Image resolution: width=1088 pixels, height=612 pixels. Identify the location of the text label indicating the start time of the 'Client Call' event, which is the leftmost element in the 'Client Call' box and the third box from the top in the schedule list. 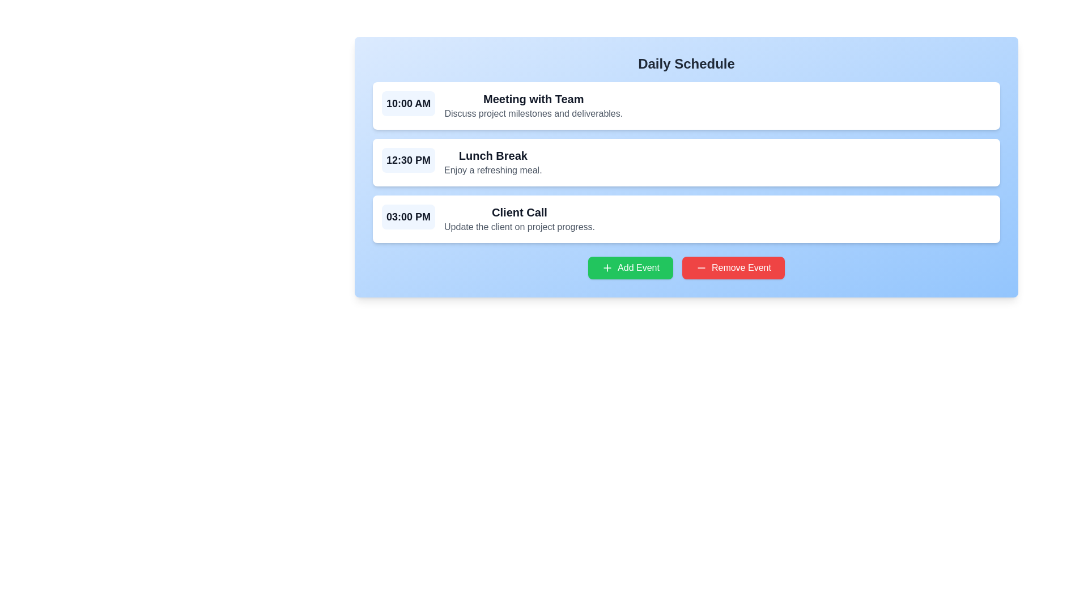
(408, 216).